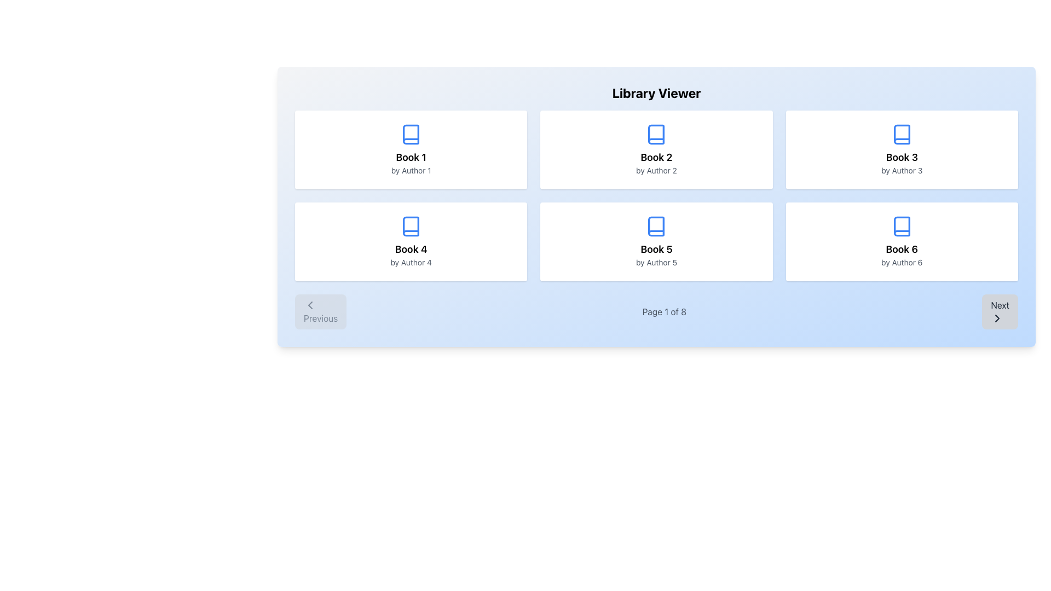  Describe the element at coordinates (656, 171) in the screenshot. I see `the text label displaying 'by Author 2', which is styled in gray and appears as a subtitle under the title of 'Book 2'` at that location.